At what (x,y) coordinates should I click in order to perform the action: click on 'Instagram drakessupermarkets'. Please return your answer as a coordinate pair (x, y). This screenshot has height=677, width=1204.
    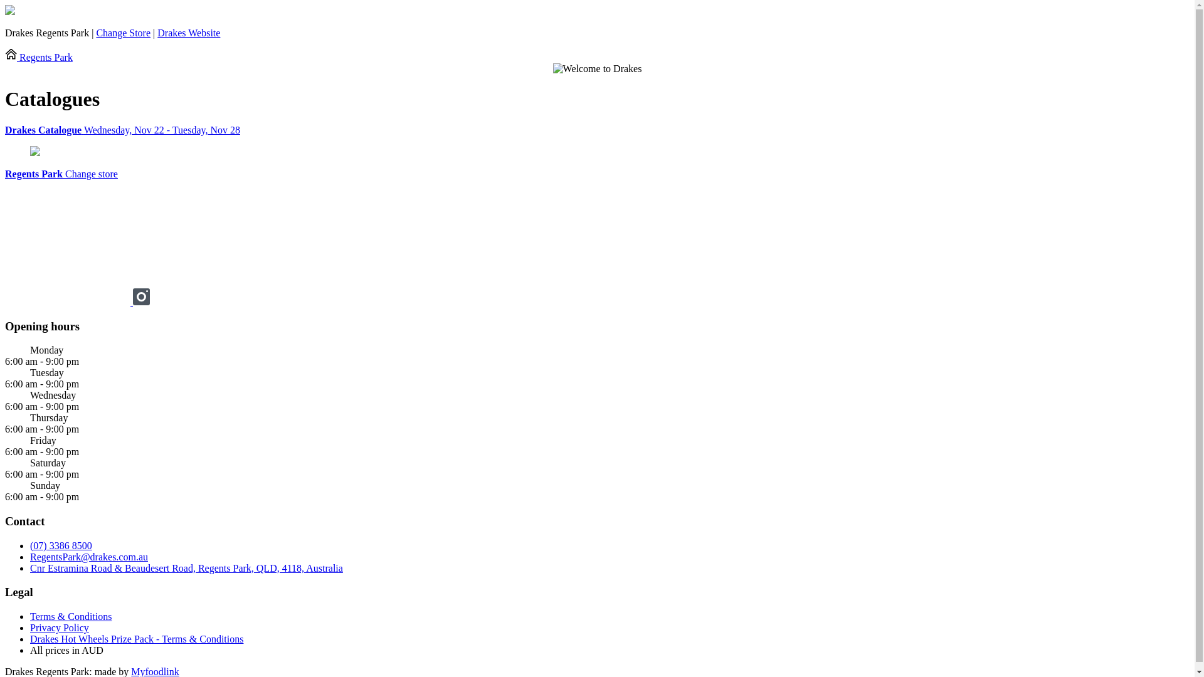
    Looking at the image, I should click on (132, 302).